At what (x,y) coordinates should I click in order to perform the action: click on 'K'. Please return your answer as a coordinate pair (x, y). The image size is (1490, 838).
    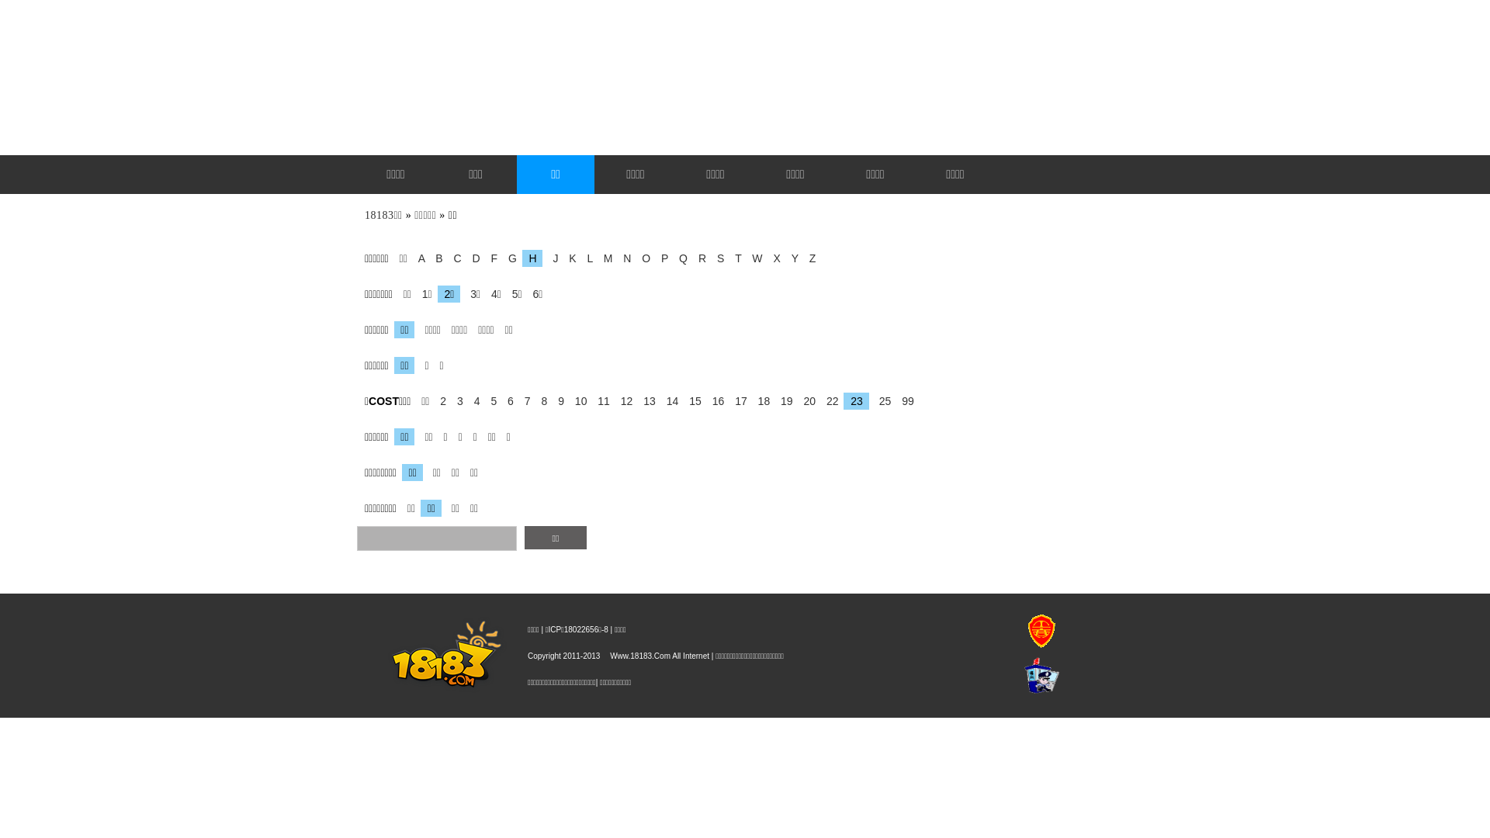
    Looking at the image, I should click on (567, 257).